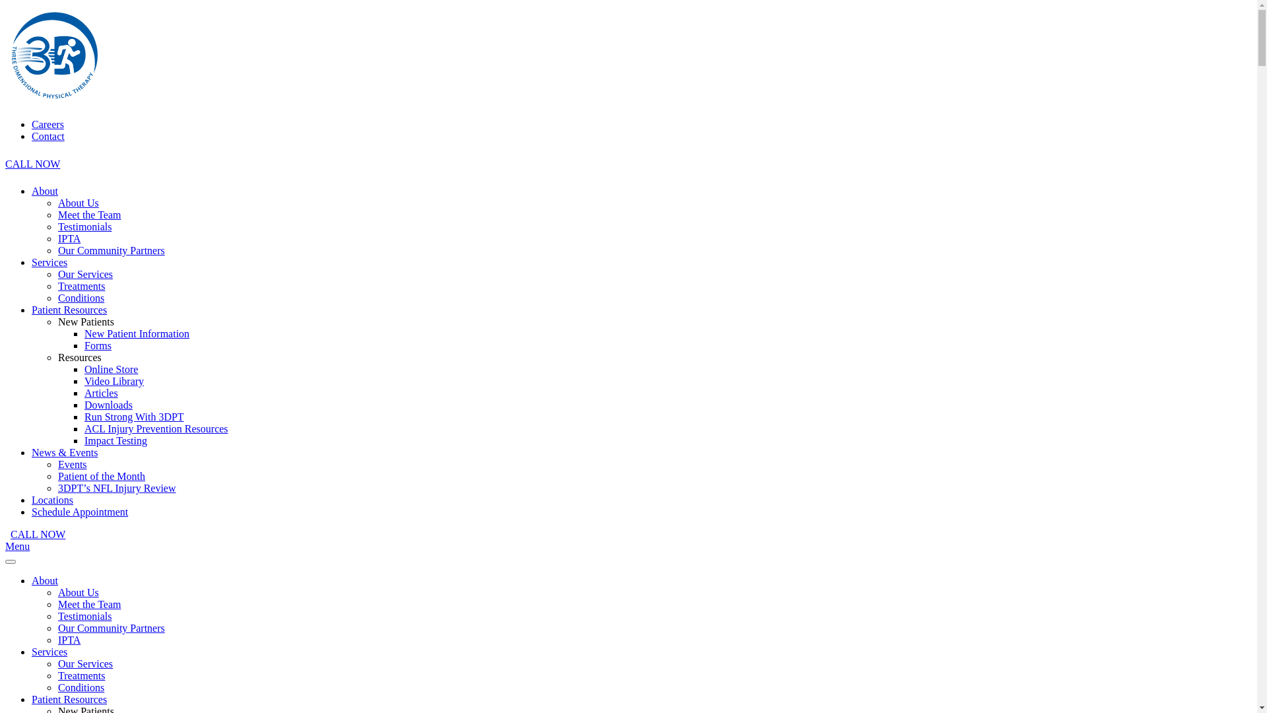  Describe the element at coordinates (32, 698) in the screenshot. I see `'Patient Resources'` at that location.